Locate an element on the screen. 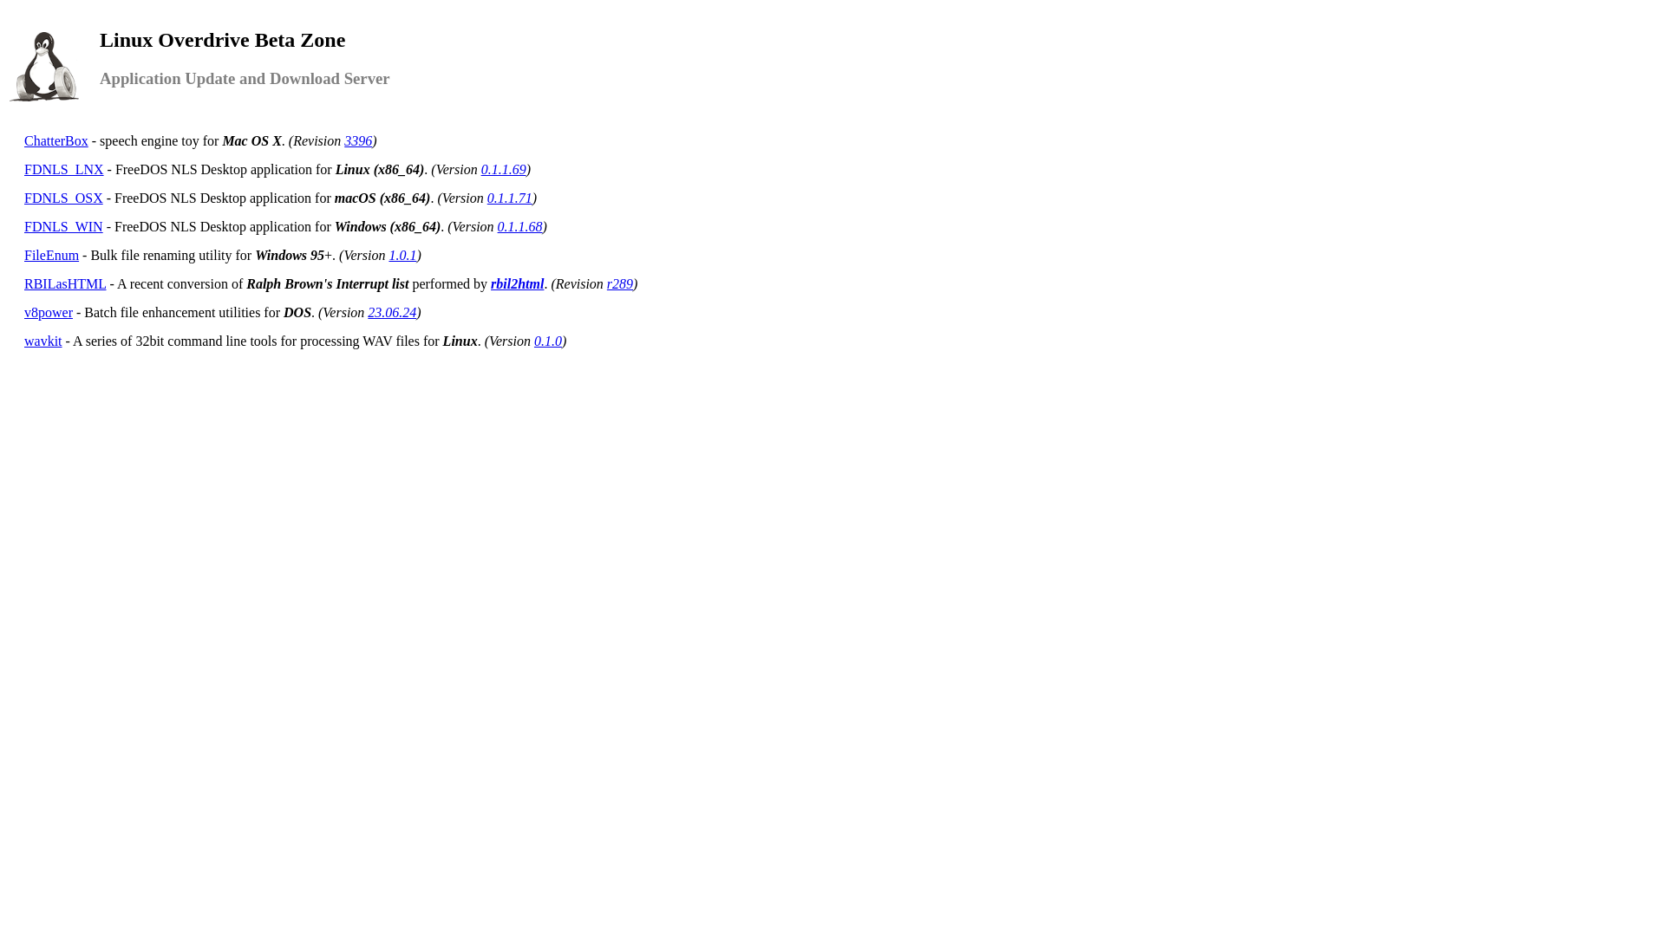  'FDNLS_OSX' is located at coordinates (63, 197).